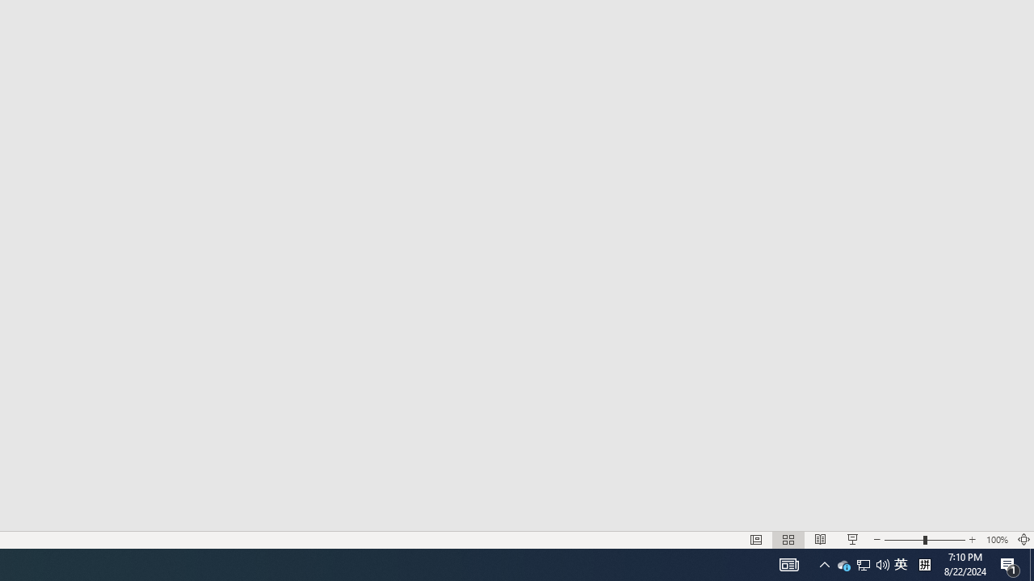 This screenshot has height=581, width=1034. Describe the element at coordinates (852, 540) in the screenshot. I see `'Slide Show'` at that location.